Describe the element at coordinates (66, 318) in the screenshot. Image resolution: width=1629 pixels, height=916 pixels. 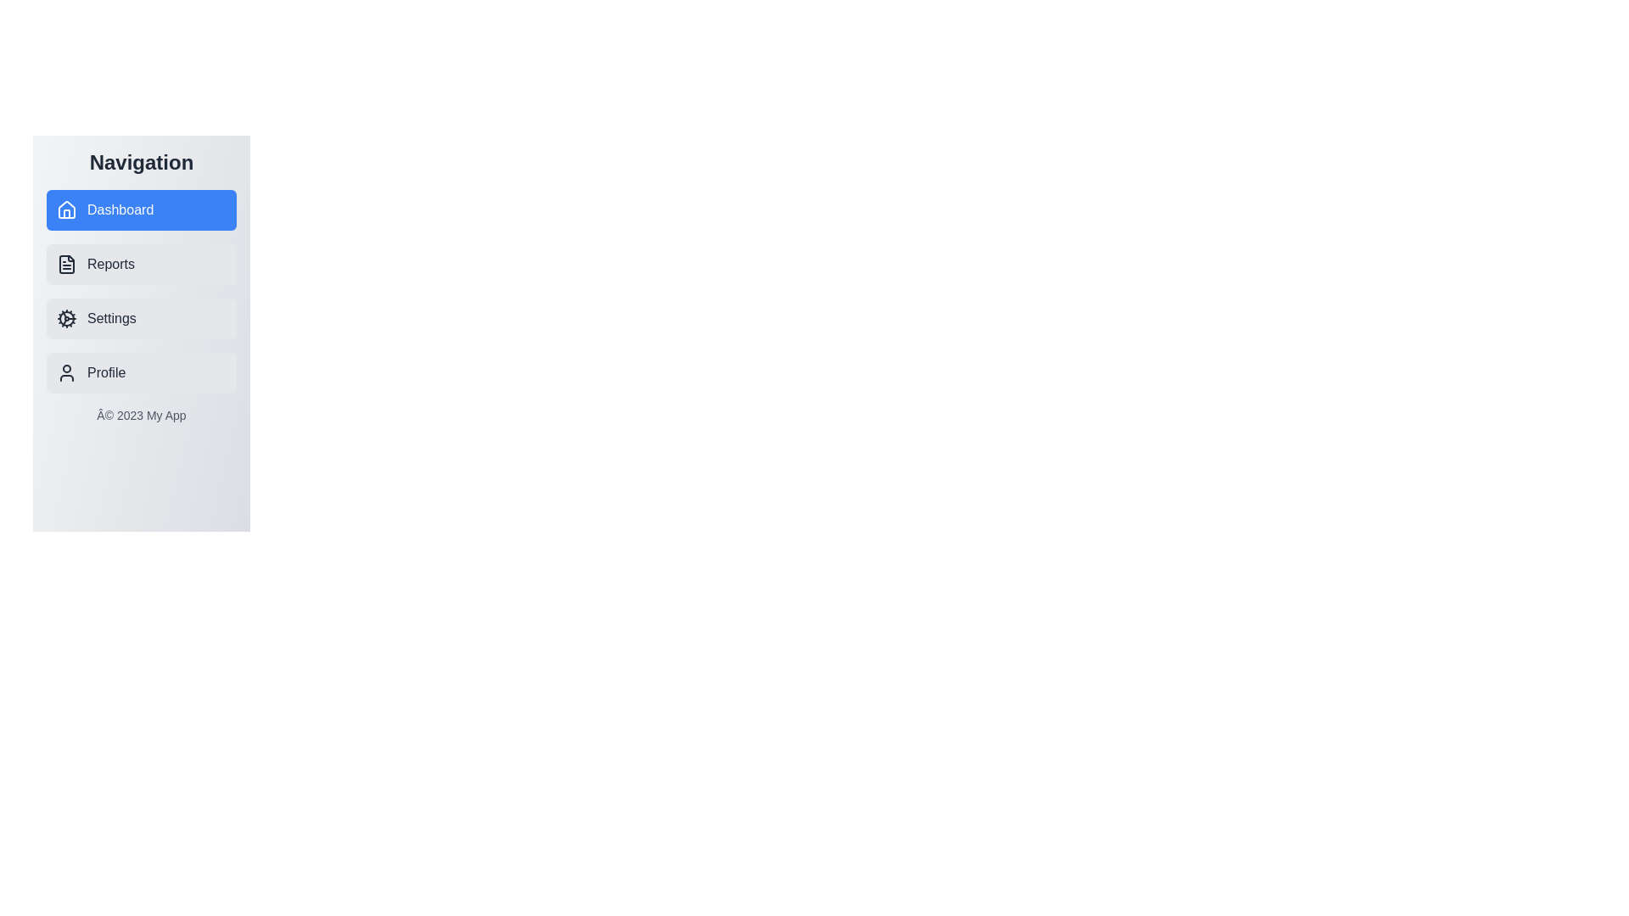
I see `the cogwheel icon in the 'Settings' navigation list, which is the third icon from the top in the left navigation menu` at that location.